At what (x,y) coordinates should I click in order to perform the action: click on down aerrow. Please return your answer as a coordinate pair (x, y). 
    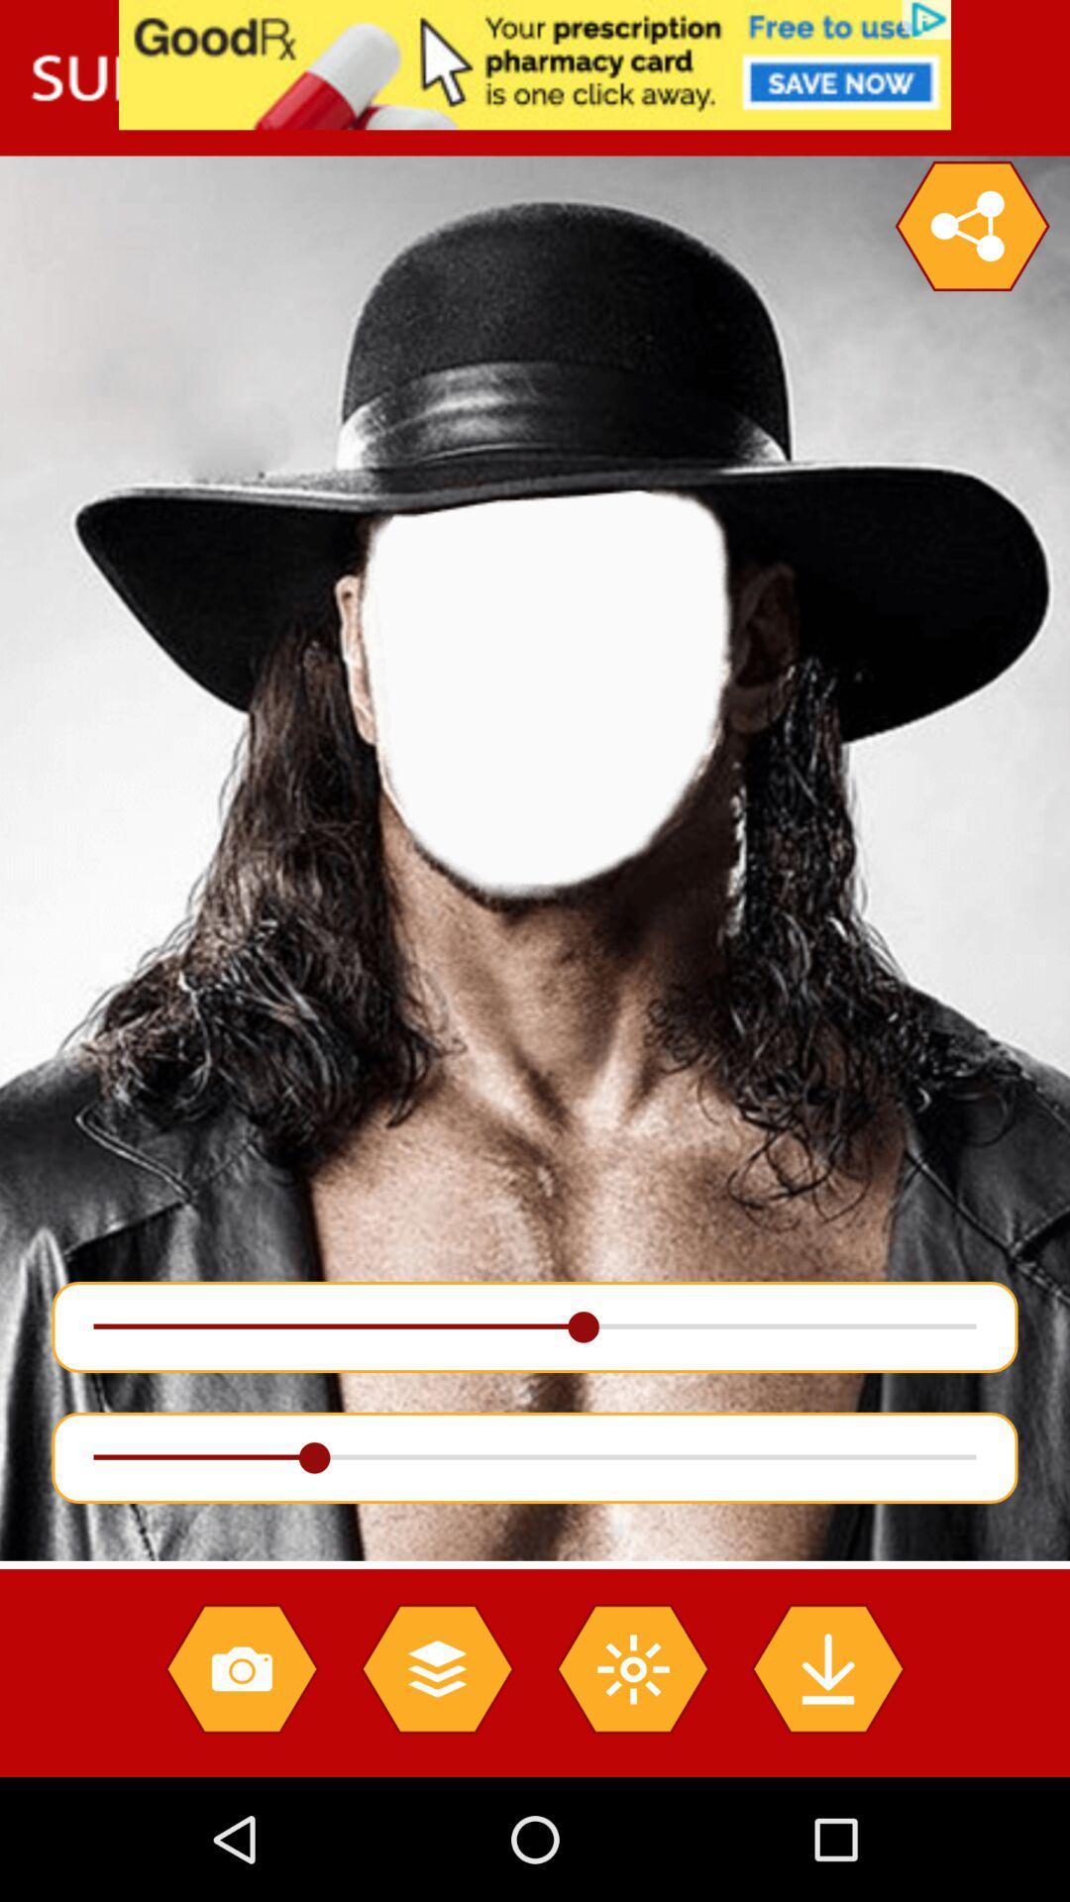
    Looking at the image, I should click on (827, 1667).